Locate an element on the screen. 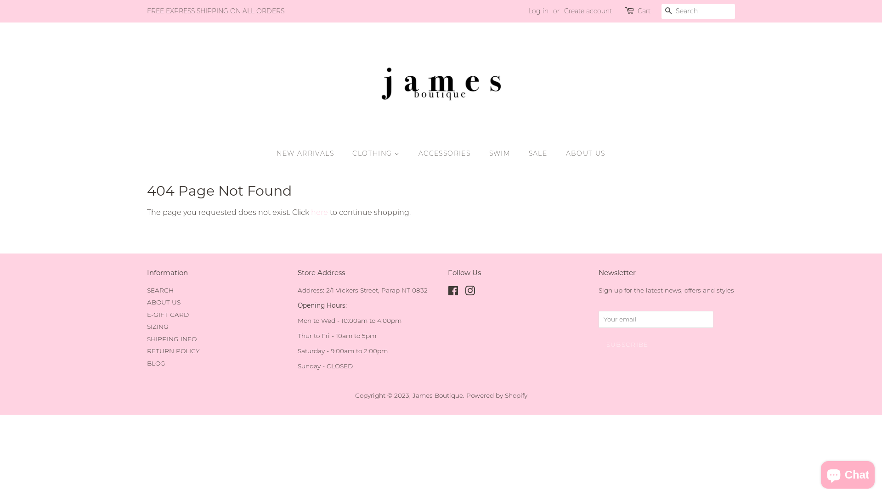 Image resolution: width=882 pixels, height=496 pixels. 'Instagram' is located at coordinates (465, 292).